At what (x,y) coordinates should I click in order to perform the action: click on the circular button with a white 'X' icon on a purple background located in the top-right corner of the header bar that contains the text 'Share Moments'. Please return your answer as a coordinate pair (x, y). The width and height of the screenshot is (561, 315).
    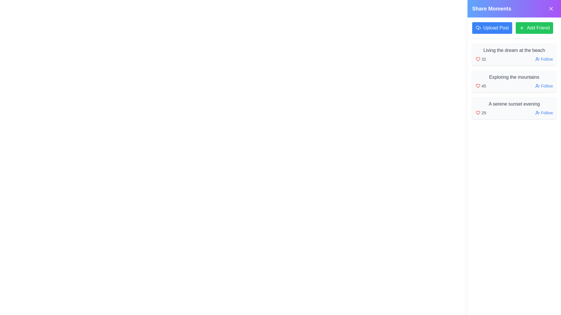
    Looking at the image, I should click on (551, 9).